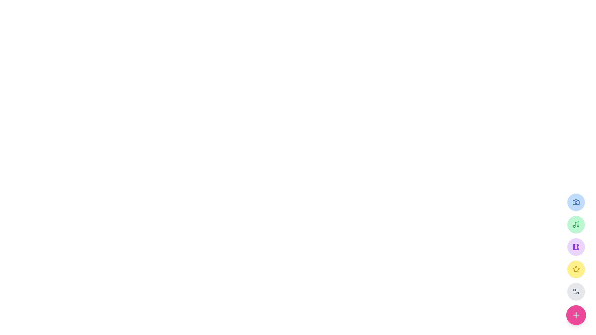 The width and height of the screenshot is (596, 335). I want to click on the button located at the bottom-right corner of the interface, which has a plus icon and is the last icon in a vertical stack of circular icons, so click(576, 315).